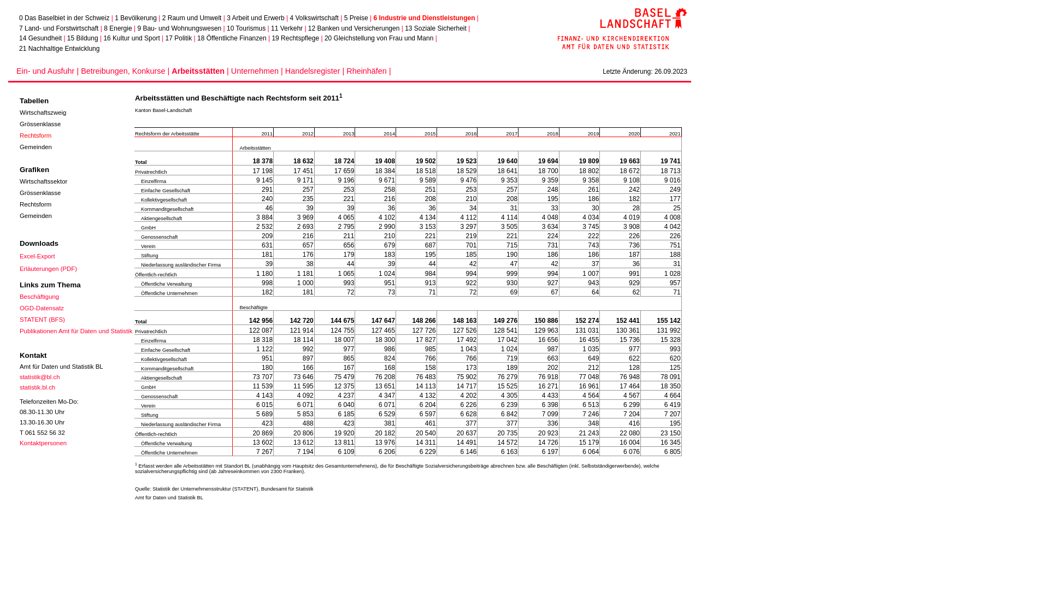 The width and height of the screenshot is (1049, 590). I want to click on '4 Volkswirtschaft', so click(313, 18).